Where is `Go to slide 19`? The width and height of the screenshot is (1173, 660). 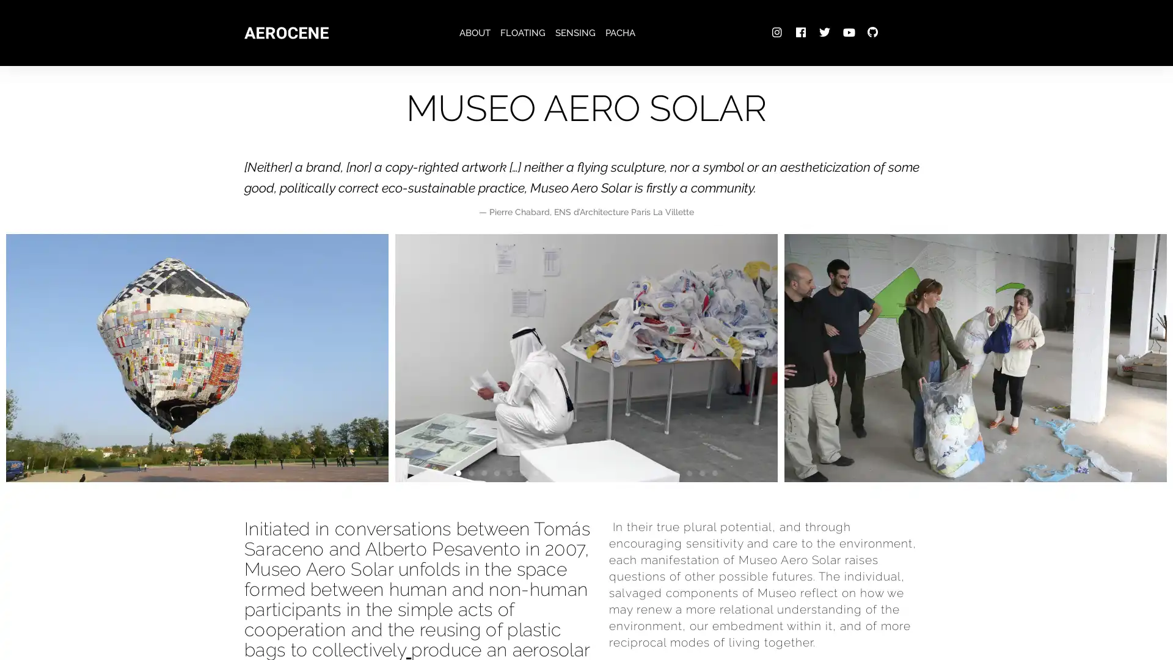
Go to slide 19 is located at coordinates (689, 472).